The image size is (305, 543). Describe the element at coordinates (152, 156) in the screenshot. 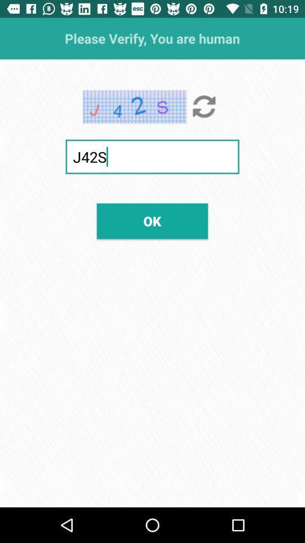

I see `the item above ok item` at that location.